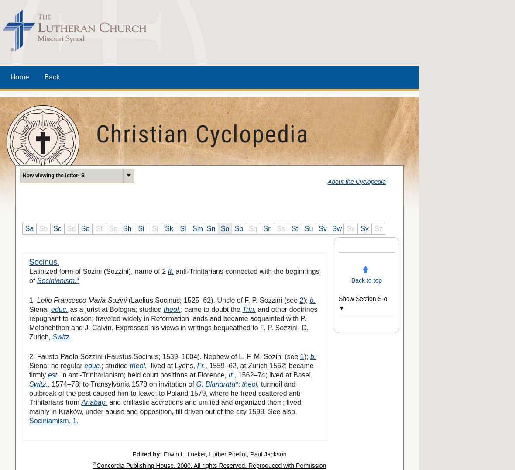 The image size is (515, 470). What do you see at coordinates (224, 453) in the screenshot?
I see `'Erwin L. Lueker, Luther Poellot, Paul Jackson'` at bounding box center [224, 453].